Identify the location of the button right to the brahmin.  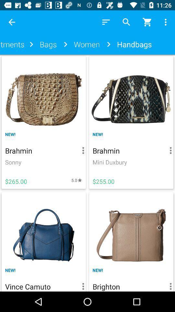
(169, 150).